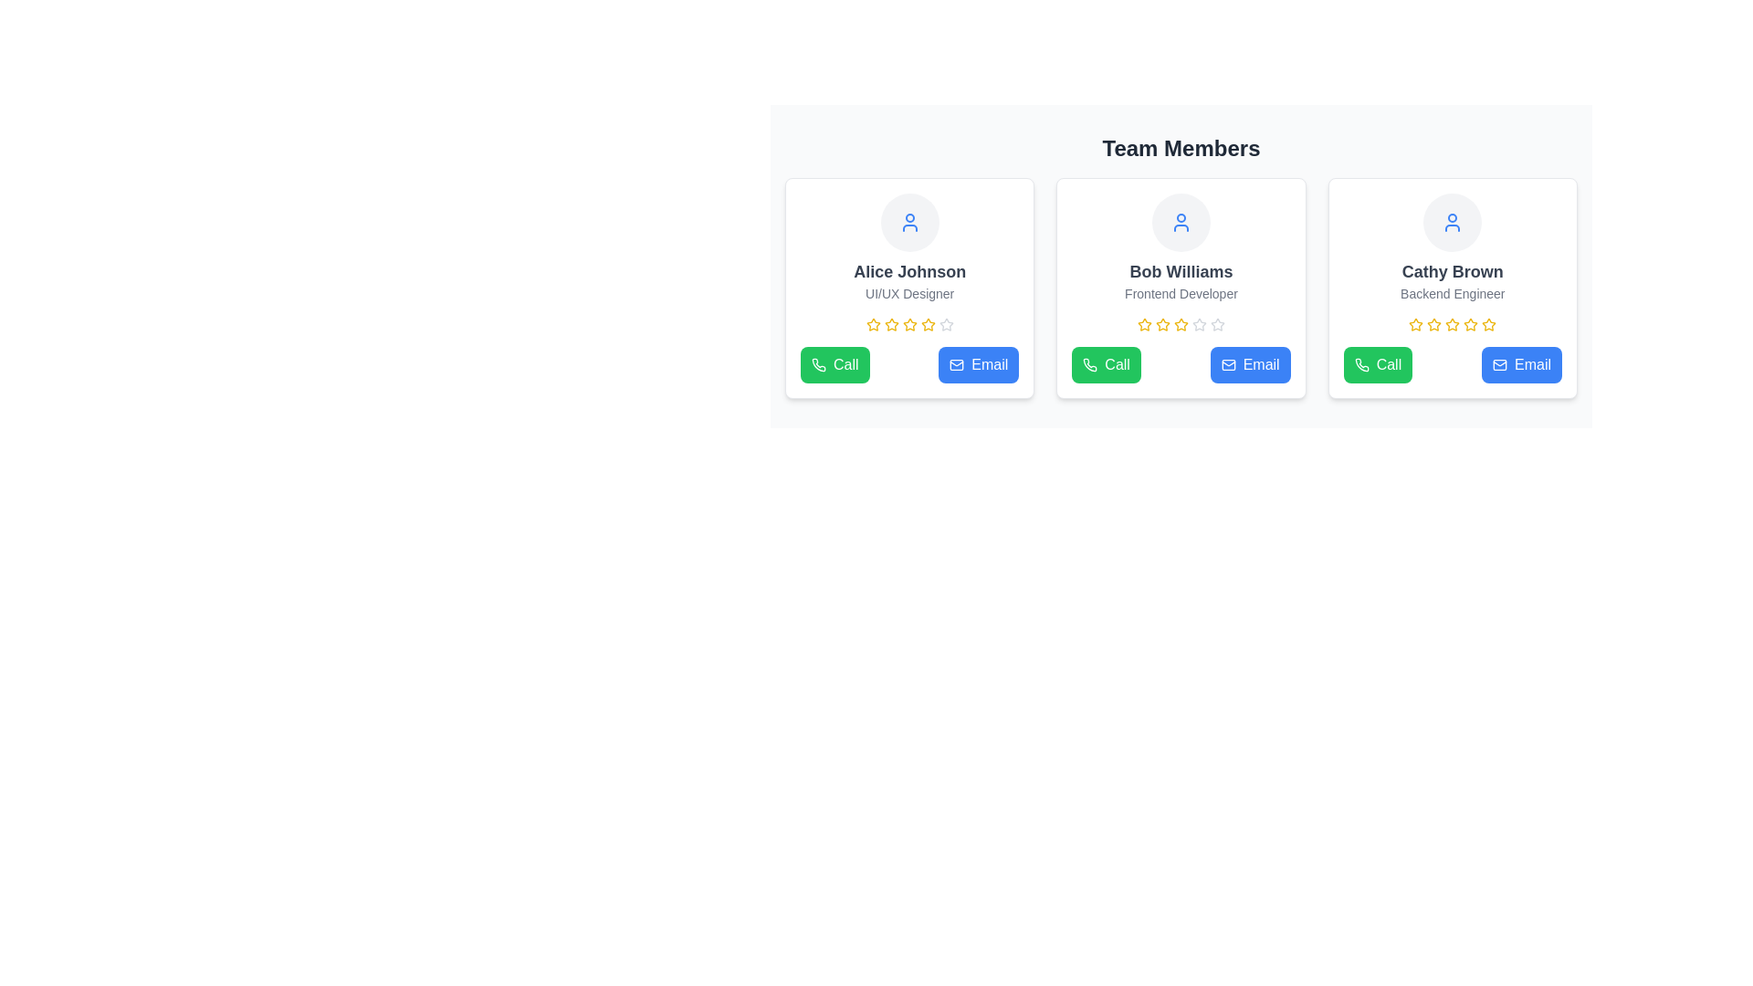 The height and width of the screenshot is (986, 1753). I want to click on the second star rating icon in the profile card of Cathy Brown under the Team Members section to rate it, so click(1415, 323).